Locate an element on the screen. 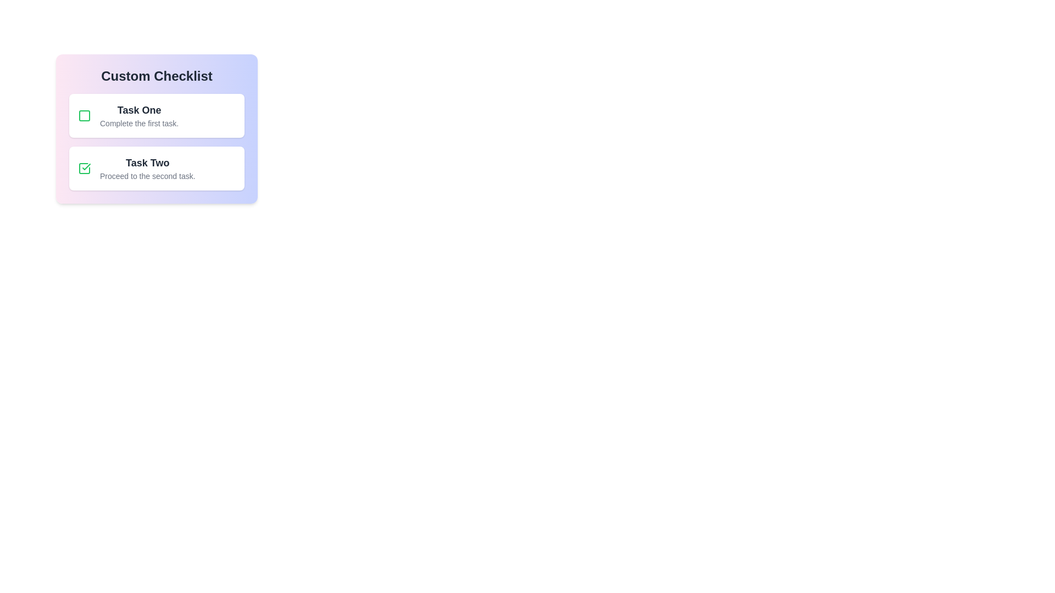 This screenshot has width=1055, height=593. task information presented in the Checklist Component, which displays tasks with titles and completion statuses below the heading 'Custom Checklist.' is located at coordinates (156, 141).